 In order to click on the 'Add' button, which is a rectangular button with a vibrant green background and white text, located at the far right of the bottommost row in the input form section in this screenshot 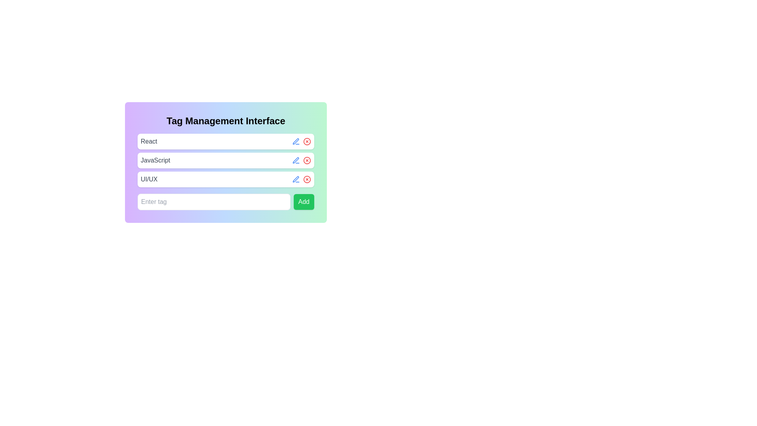, I will do `click(303, 202)`.